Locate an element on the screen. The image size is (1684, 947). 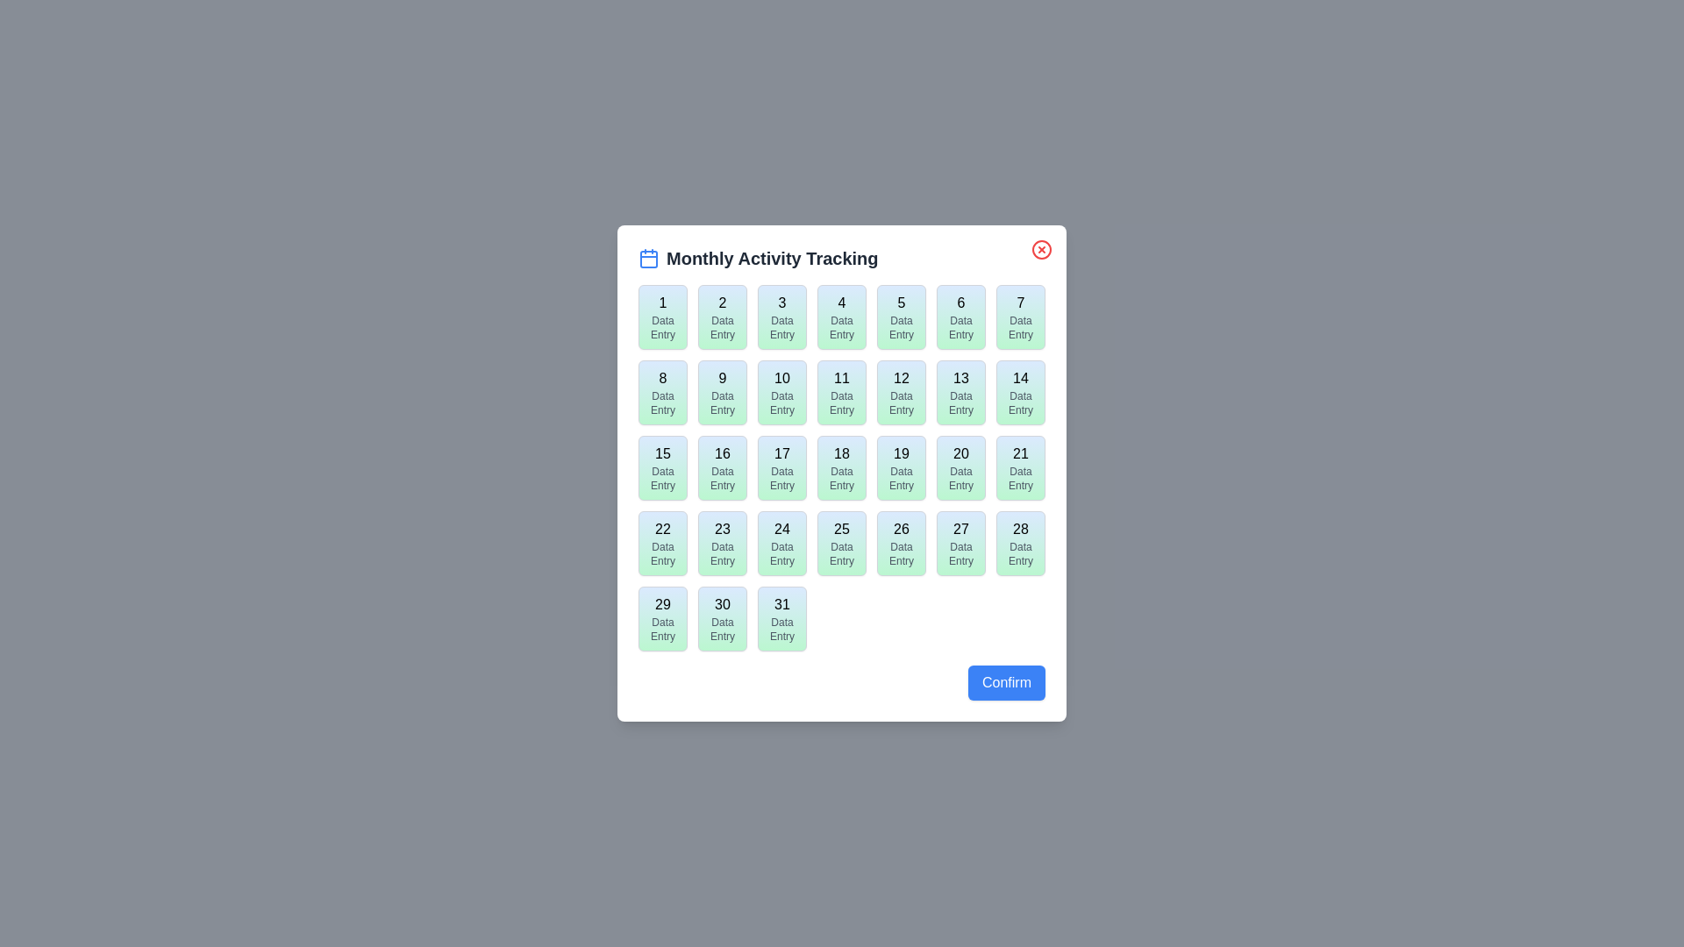
close button at the top-right corner of the dialog to close it is located at coordinates (1042, 250).